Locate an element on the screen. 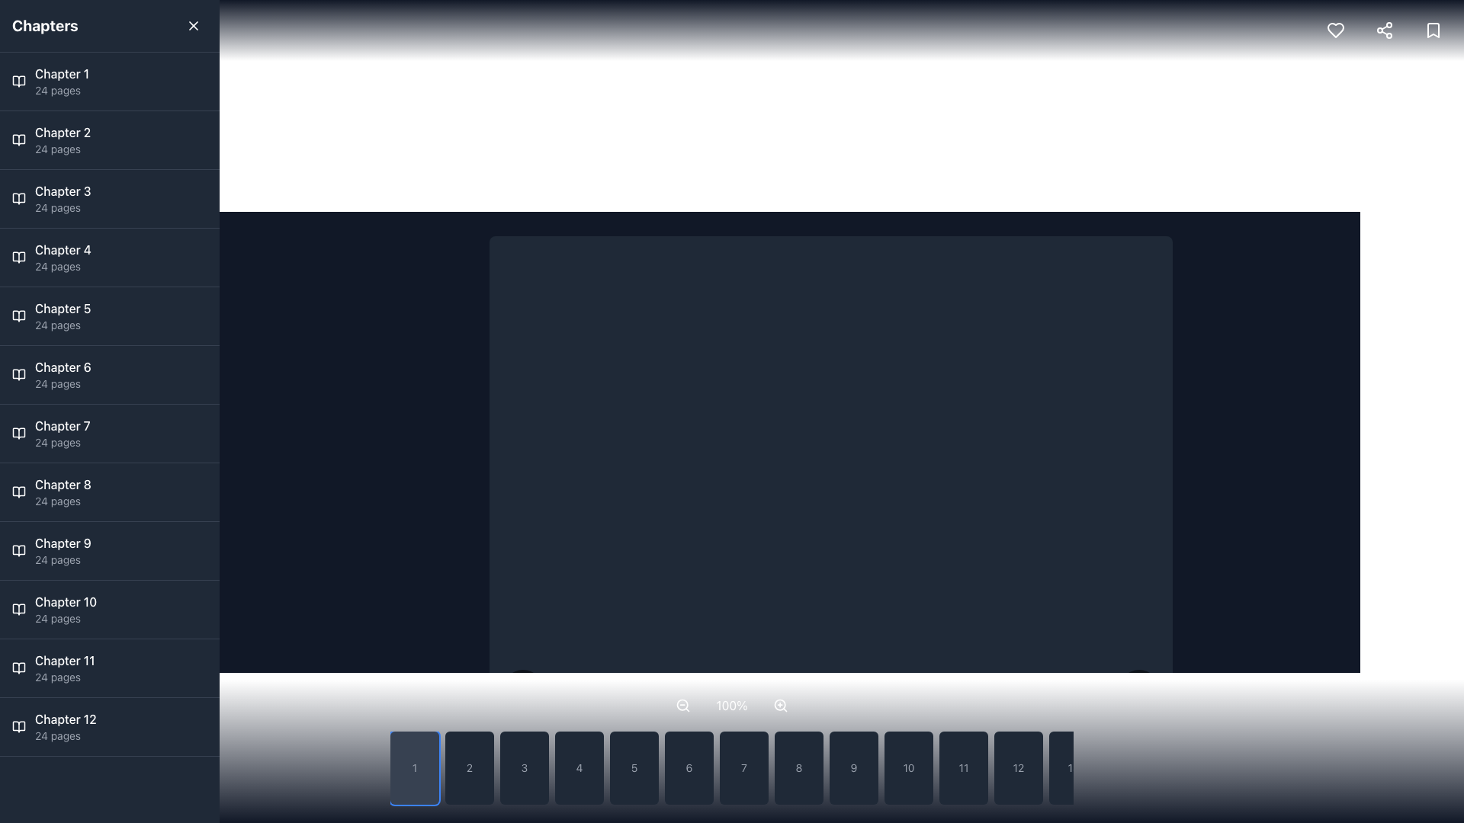 The image size is (1464, 823). the zoom-in button located on the bottom bar is located at coordinates (780, 705).